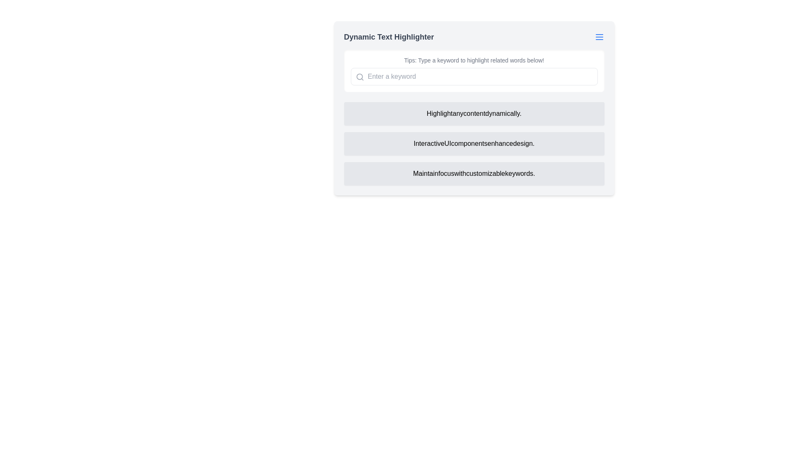 The image size is (801, 450). Describe the element at coordinates (599, 36) in the screenshot. I see `the button located at the top-right corner of the header section titled 'Dynamic Text Highlighter'` at that location.